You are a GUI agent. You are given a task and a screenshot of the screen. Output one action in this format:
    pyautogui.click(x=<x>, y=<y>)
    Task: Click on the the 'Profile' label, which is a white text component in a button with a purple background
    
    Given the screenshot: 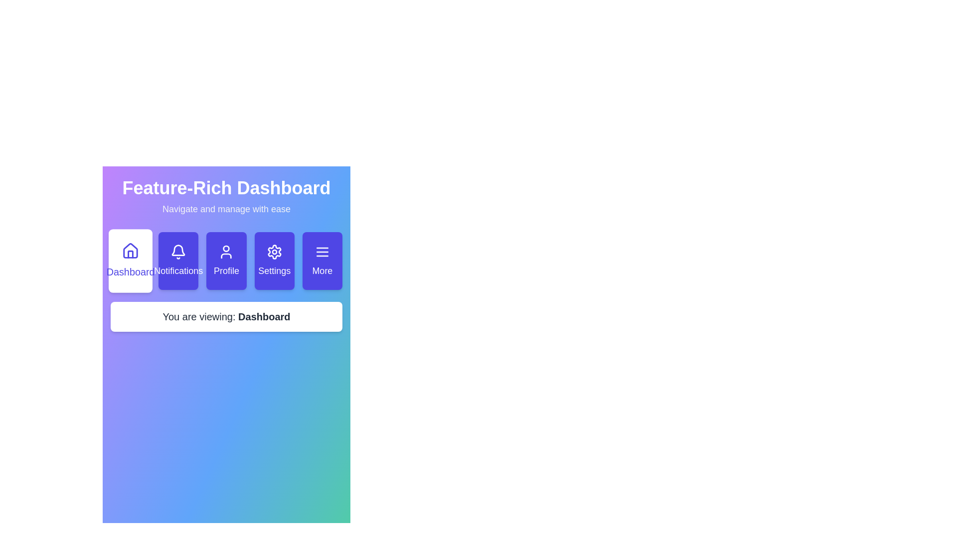 What is the action you would take?
    pyautogui.click(x=226, y=270)
    